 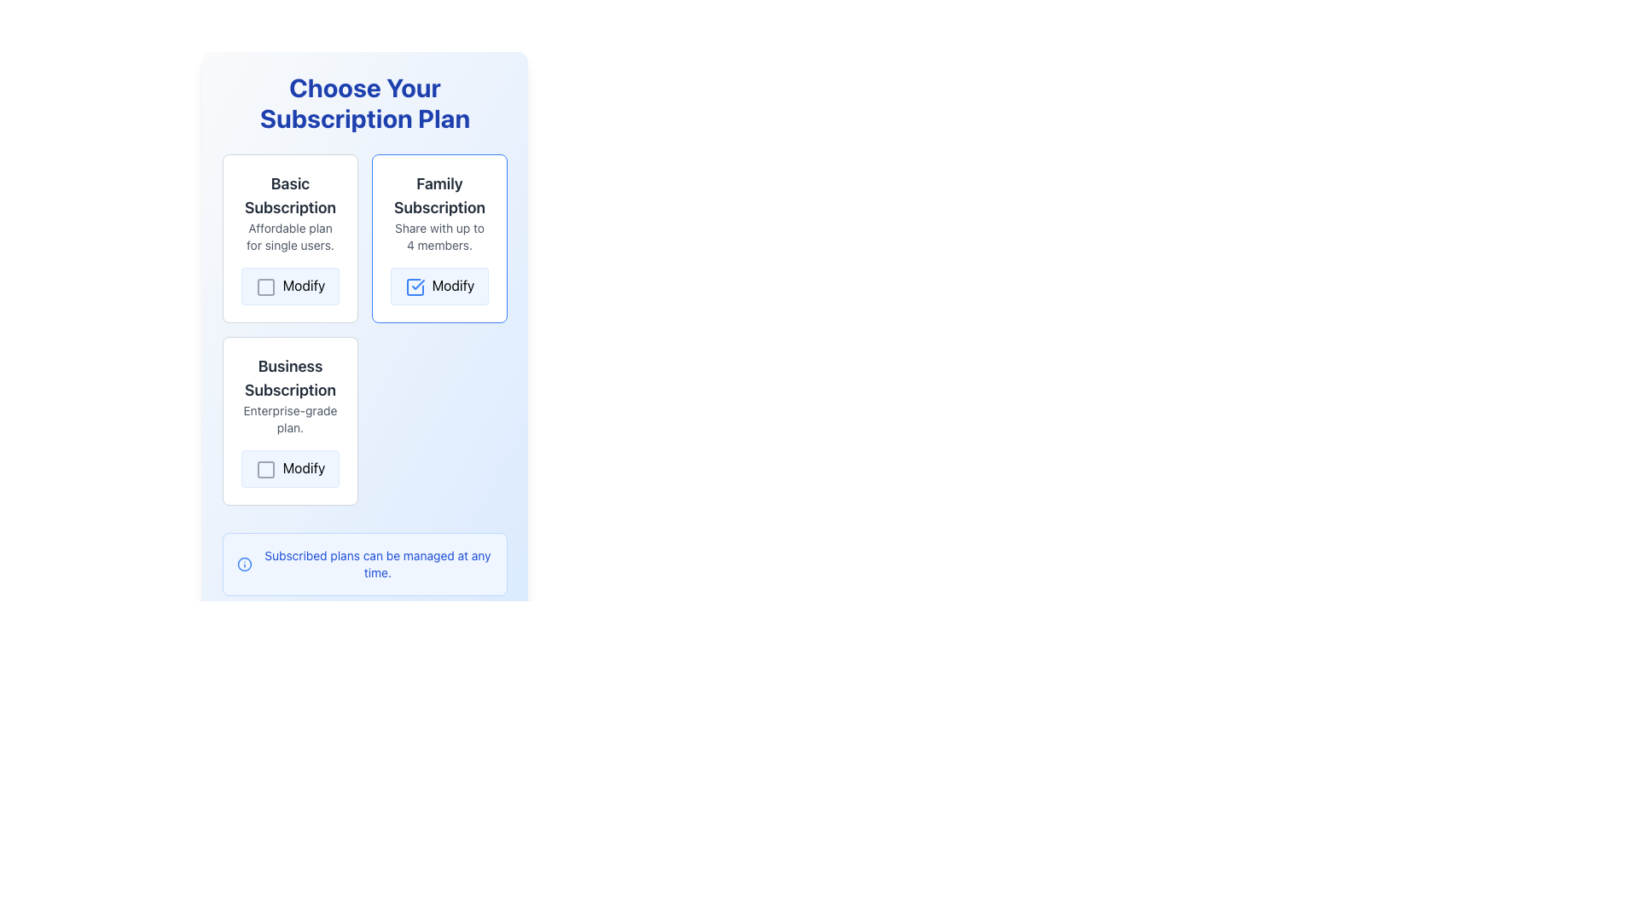 I want to click on the descriptive Text Label for the 'Business Subscription' plan, located in the lower section of its card, between the title and the 'Modify' button, so click(x=290, y=419).